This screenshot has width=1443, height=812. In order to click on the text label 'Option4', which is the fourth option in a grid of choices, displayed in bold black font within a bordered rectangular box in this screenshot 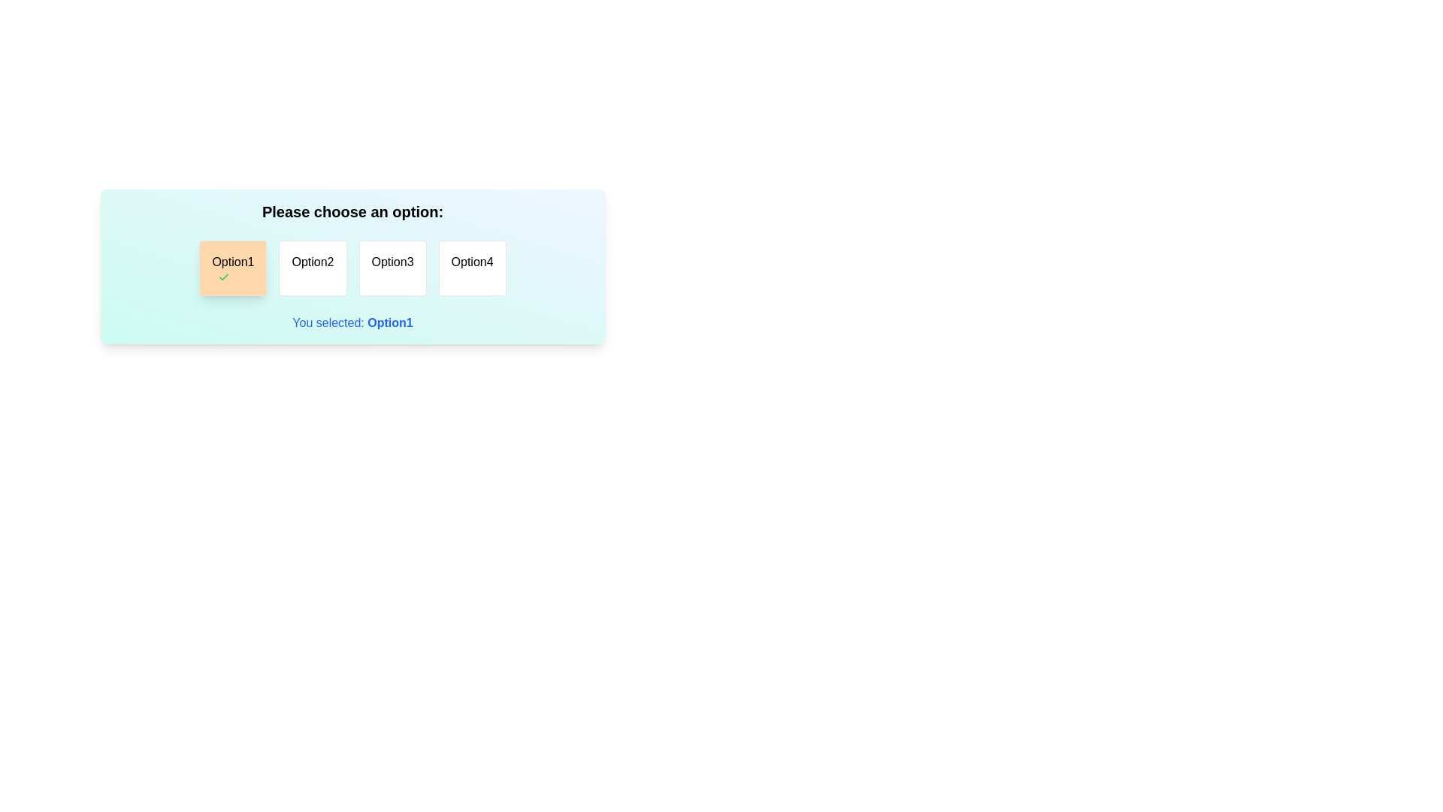, I will do `click(471, 261)`.